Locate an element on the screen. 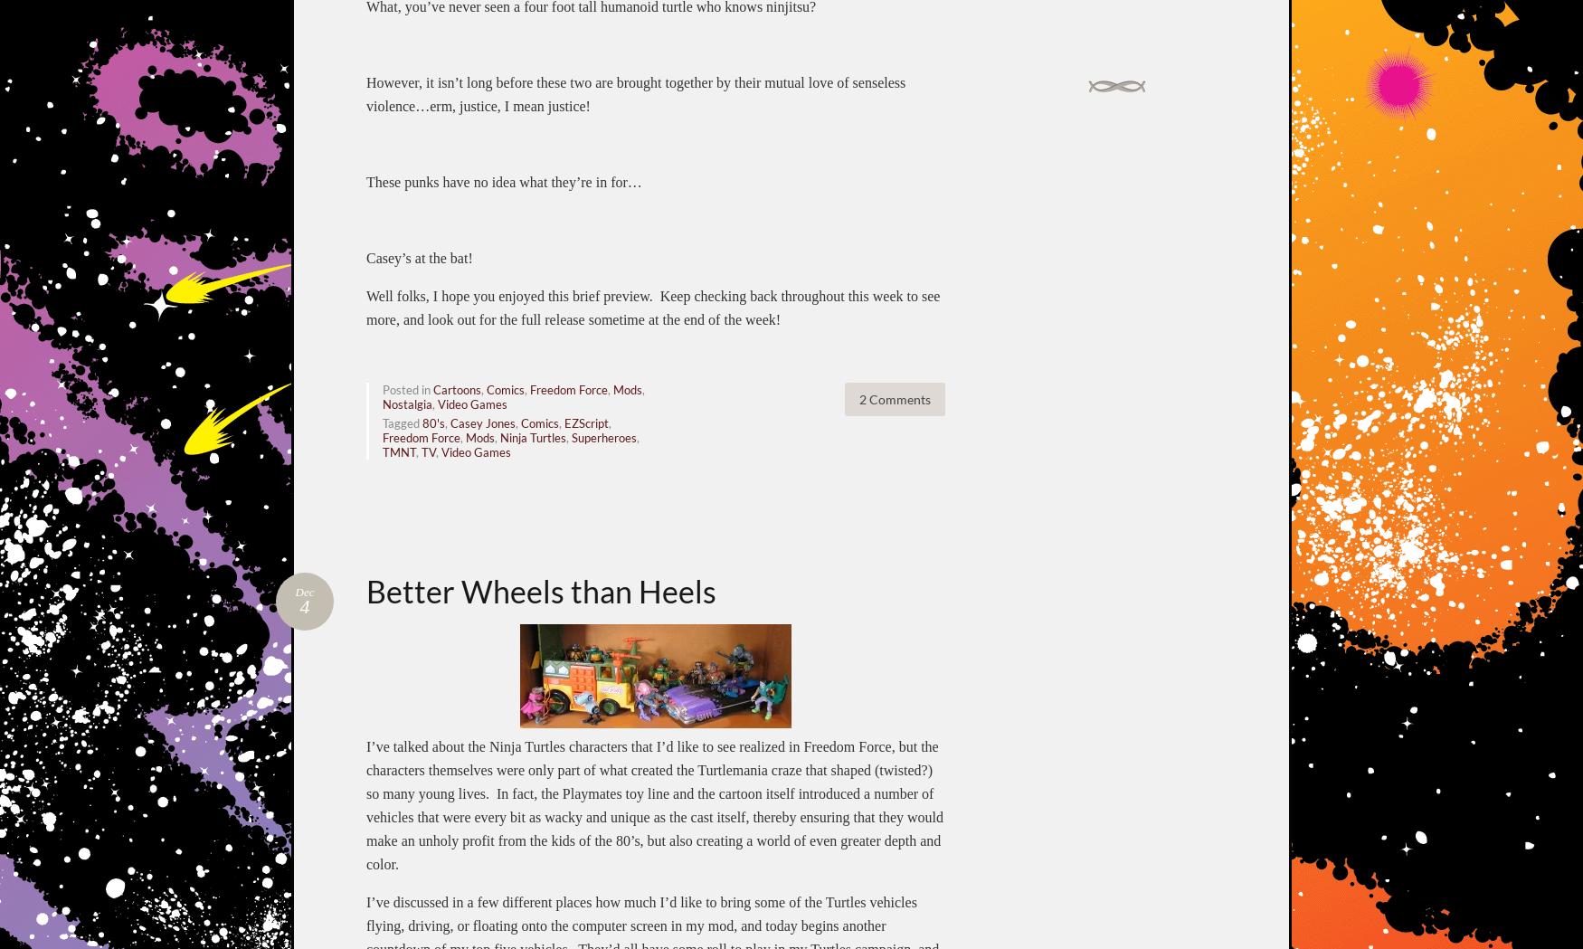 The width and height of the screenshot is (1583, 949). 'TMNT' is located at coordinates (399, 451).